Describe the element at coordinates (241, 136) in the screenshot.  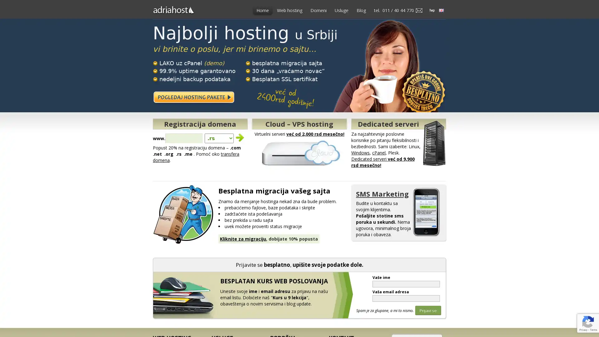
I see `Submit` at that location.